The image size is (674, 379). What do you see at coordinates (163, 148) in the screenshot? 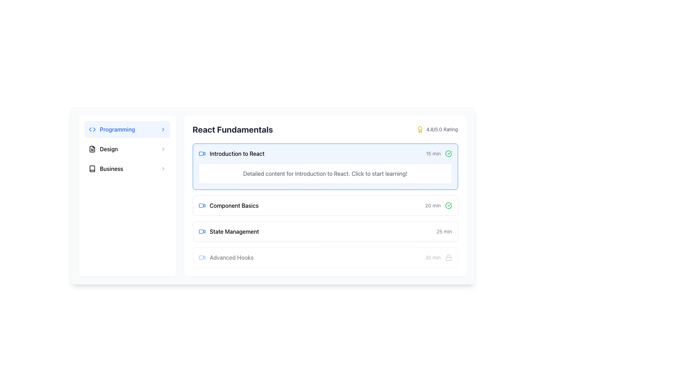
I see `the small right-facing chevron icon next to the 'Design' label` at bounding box center [163, 148].